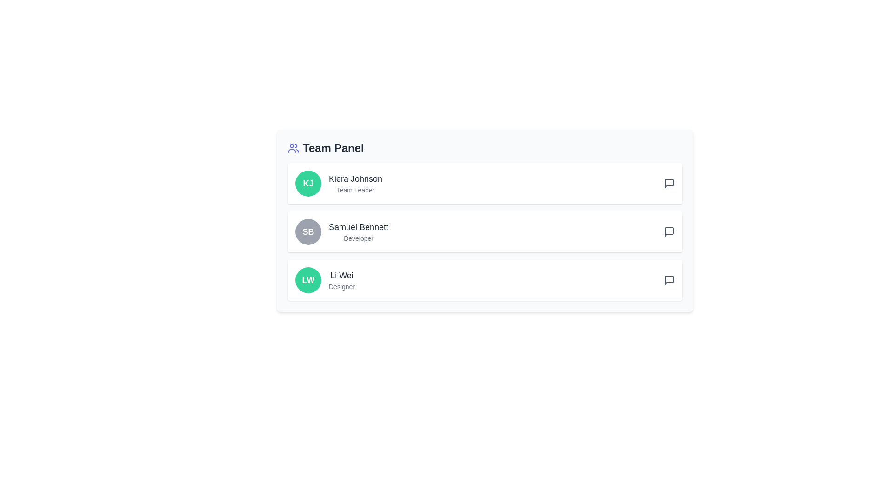  Describe the element at coordinates (341, 286) in the screenshot. I see `the static text label that provides context about 'Li Wei', positioned below the larger text 'Li Wei' in the third entry of a vertically stacked list of card sections` at that location.